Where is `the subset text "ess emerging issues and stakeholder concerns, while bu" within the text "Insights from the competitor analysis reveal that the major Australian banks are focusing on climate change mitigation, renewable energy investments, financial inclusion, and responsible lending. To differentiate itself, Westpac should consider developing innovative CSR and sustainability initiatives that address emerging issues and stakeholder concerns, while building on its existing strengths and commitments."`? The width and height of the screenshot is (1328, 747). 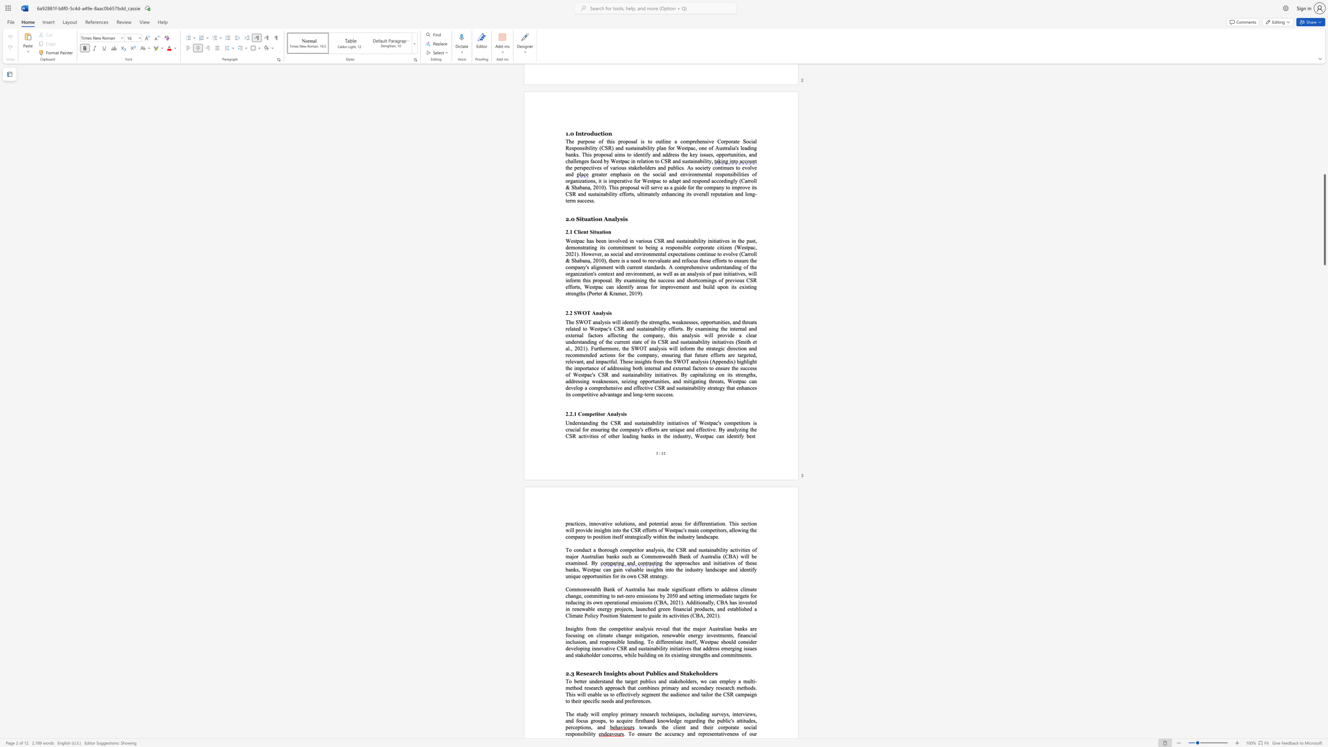 the subset text "ess emerging issues and stakeholder concerns, while bu" within the text "Insights from the competitor analysis reveal that the major Australian banks are focusing on climate change mitigation, renewable energy investments, financial inclusion, and responsible lending. To differentiate itself, Westpac should consider developing innovative CSR and sustainability initiatives that address emerging issues and stakeholder concerns, while building on its existing strengths and commitments." is located at coordinates (712, 648).